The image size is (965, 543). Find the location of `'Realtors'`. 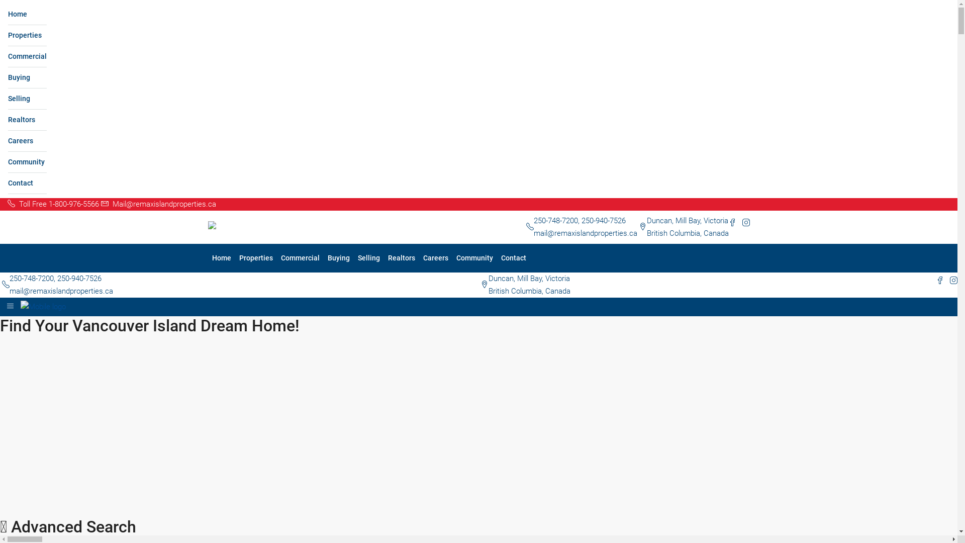

'Realtors' is located at coordinates (8, 120).